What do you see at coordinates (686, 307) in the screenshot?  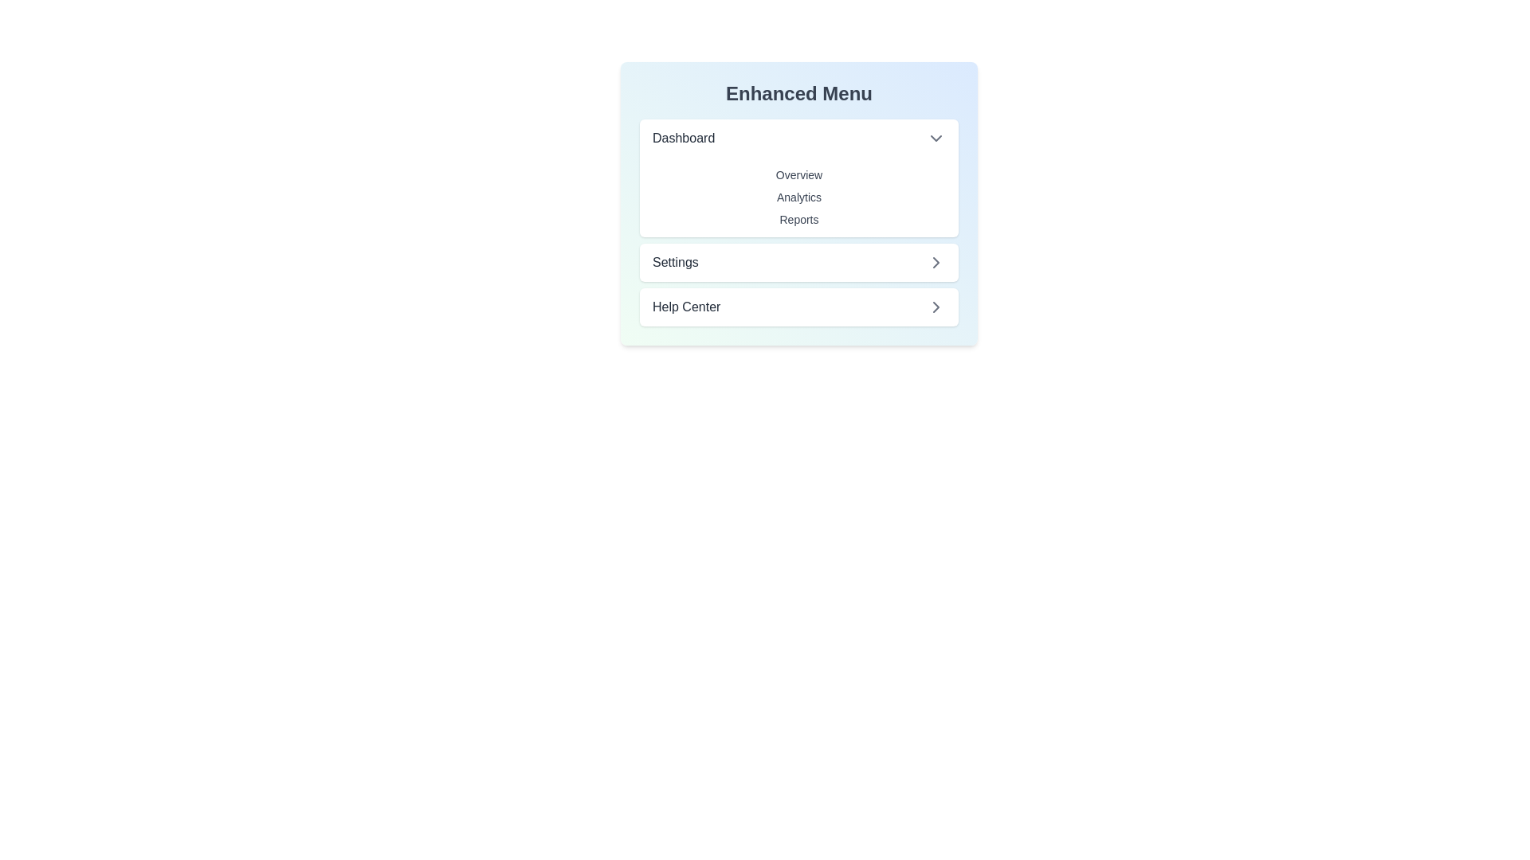 I see `the 'Help Center' text label in the menu interface` at bounding box center [686, 307].